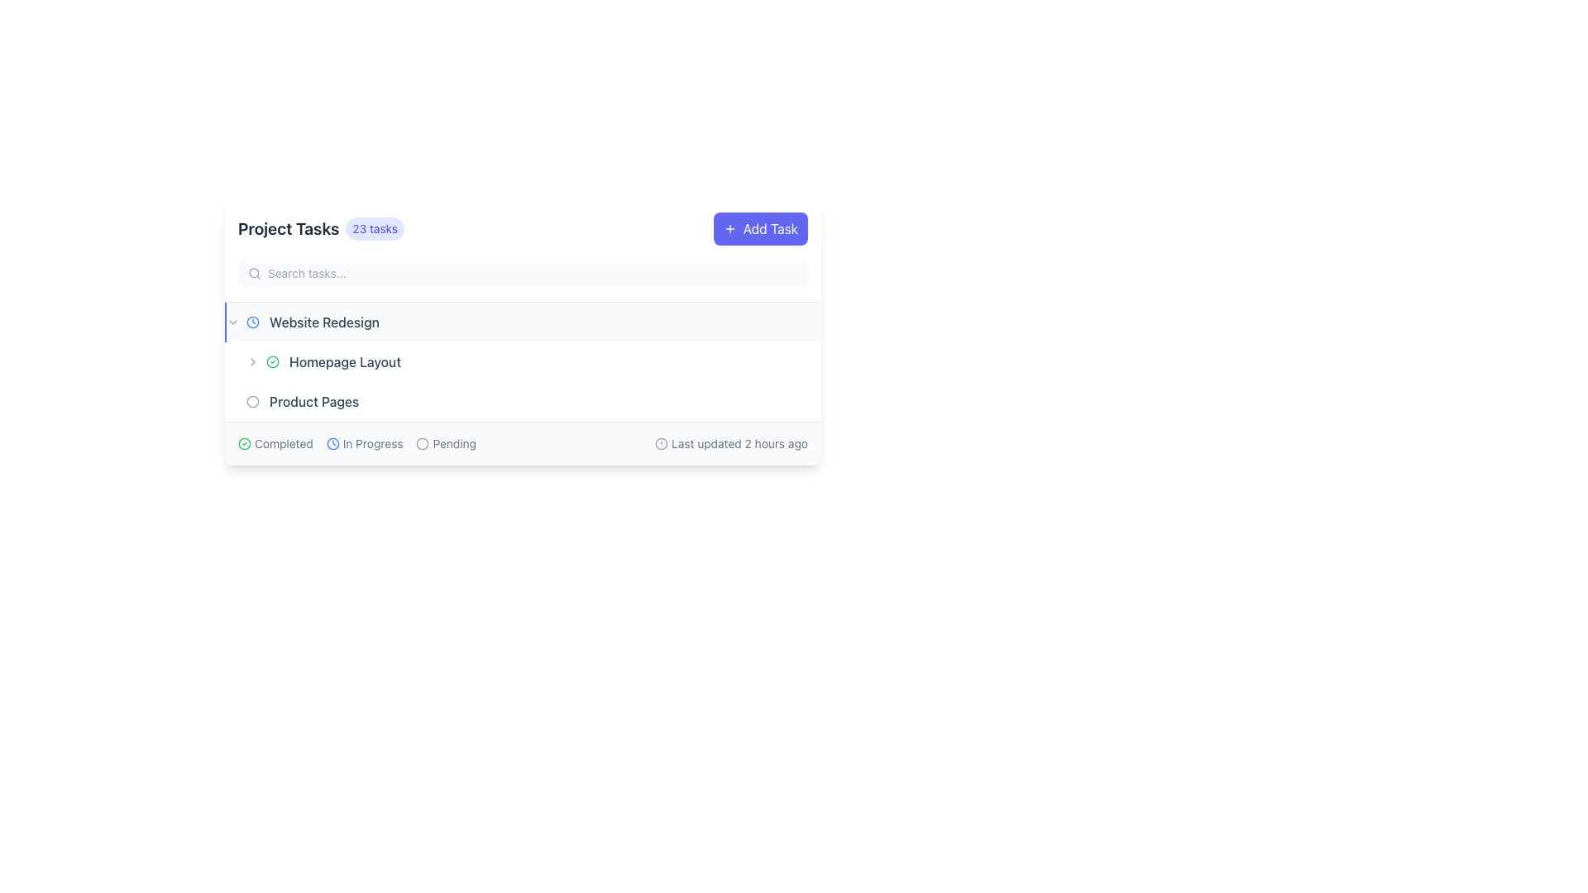  I want to click on the decorative circle element of the SVG search icon located near the left side of the search bar in the task management section, so click(253, 272).